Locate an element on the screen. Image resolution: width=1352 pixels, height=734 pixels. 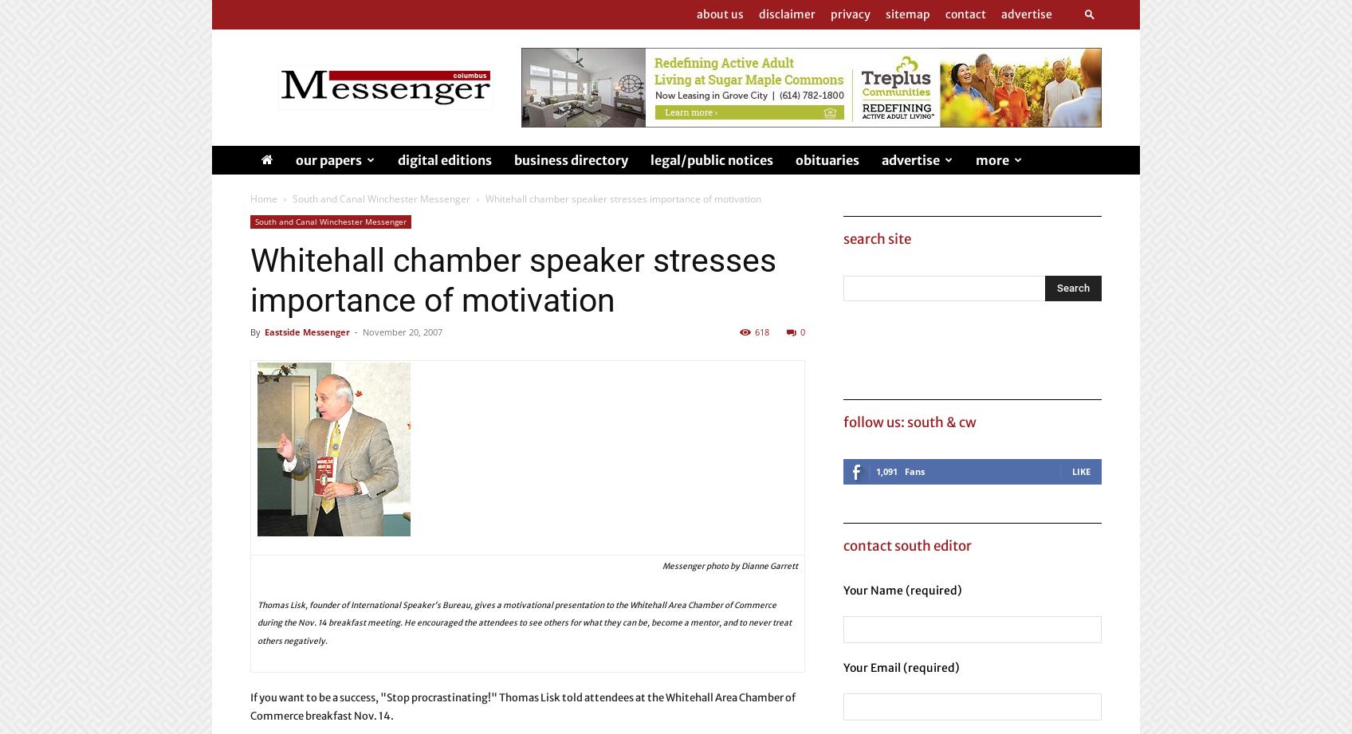
'Home' is located at coordinates (264, 198).